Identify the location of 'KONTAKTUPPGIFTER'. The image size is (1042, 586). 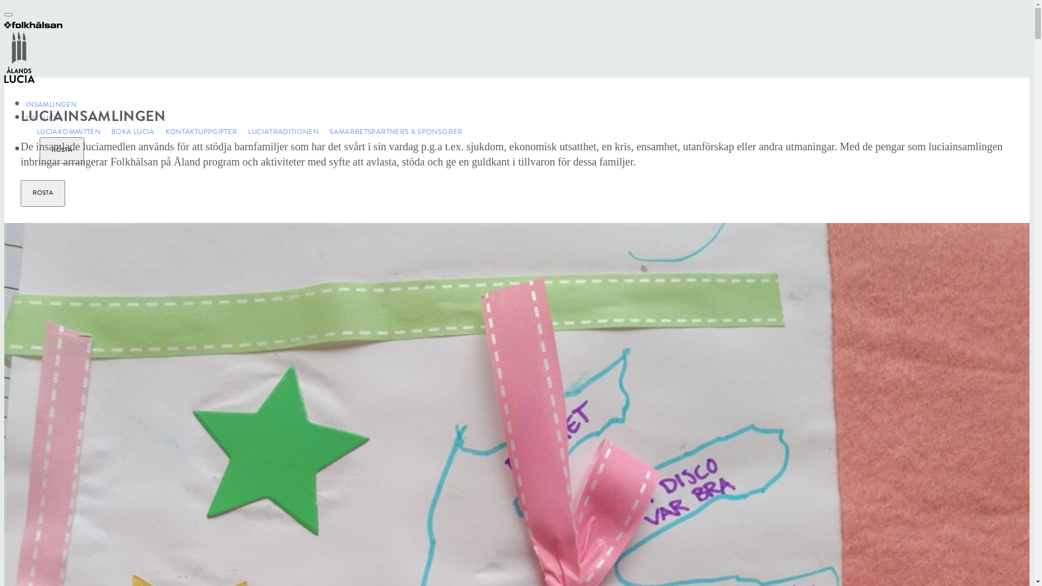
(196, 131).